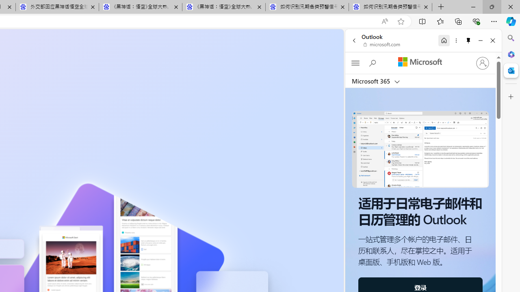  I want to click on 'More options', so click(456, 40).